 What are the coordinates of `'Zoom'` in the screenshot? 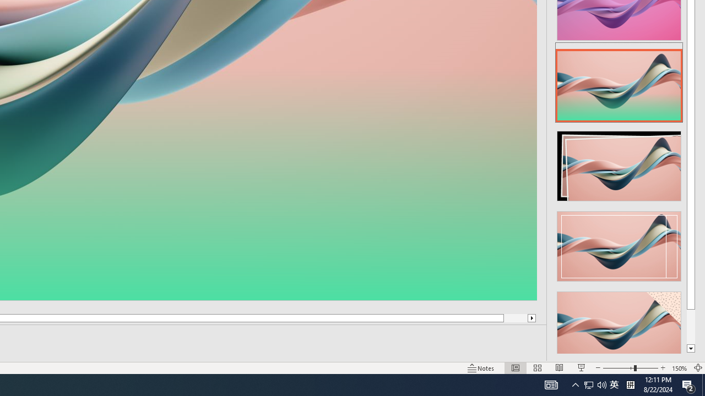 It's located at (630, 368).